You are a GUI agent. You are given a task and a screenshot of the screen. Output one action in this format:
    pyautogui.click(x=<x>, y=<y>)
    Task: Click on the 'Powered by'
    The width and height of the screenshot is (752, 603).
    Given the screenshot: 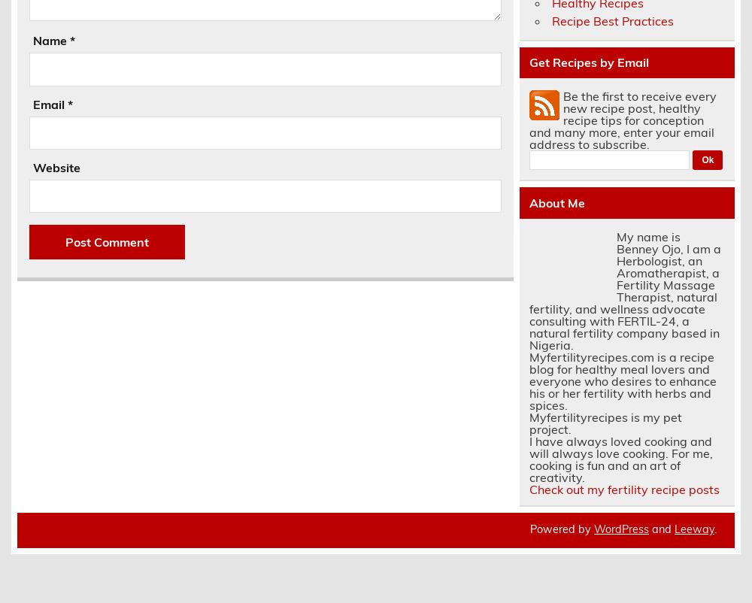 What is the action you would take?
    pyautogui.click(x=561, y=528)
    